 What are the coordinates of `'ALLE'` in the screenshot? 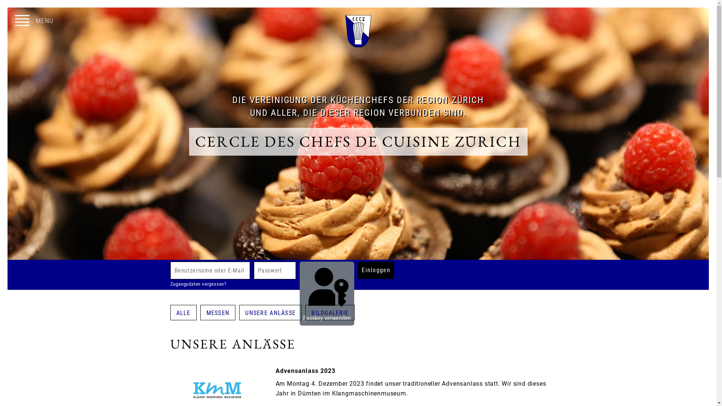 It's located at (184, 312).